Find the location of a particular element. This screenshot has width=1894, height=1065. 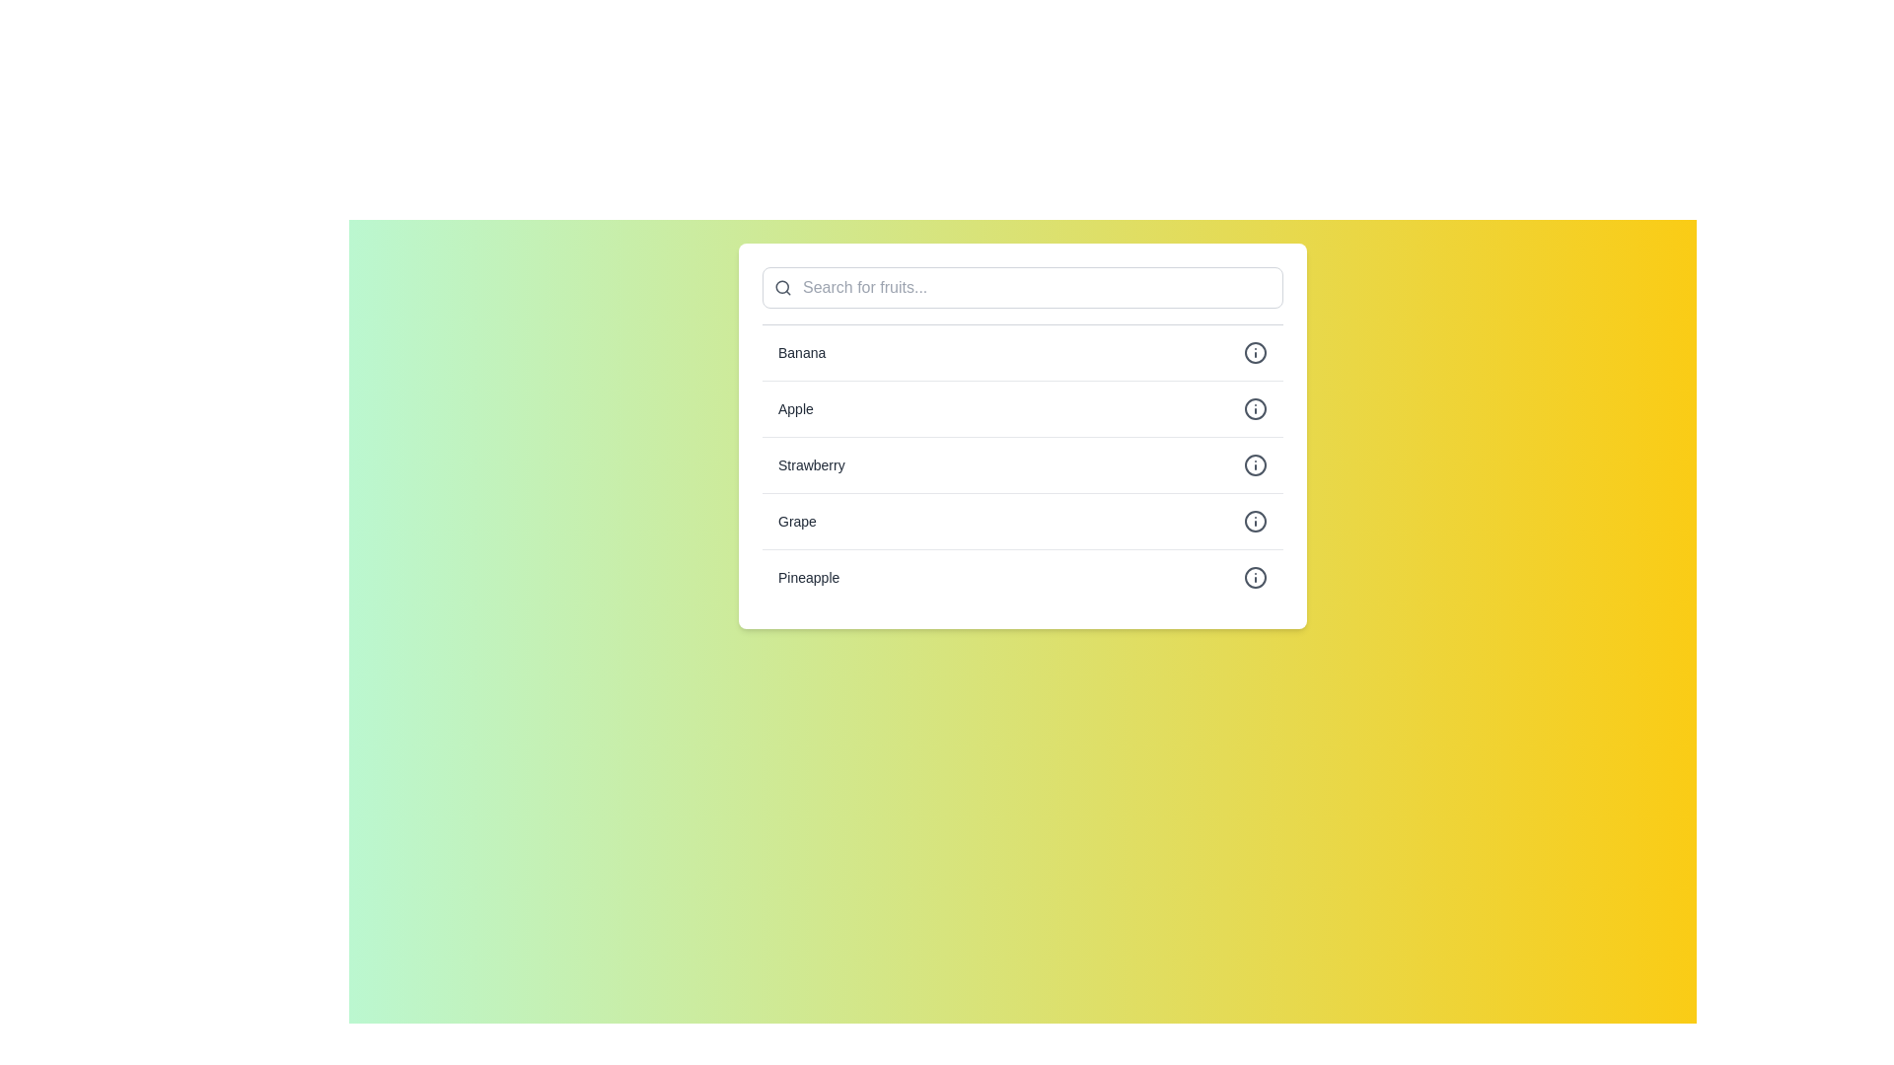

the text element displaying 'Pineapple' is located at coordinates (809, 577).